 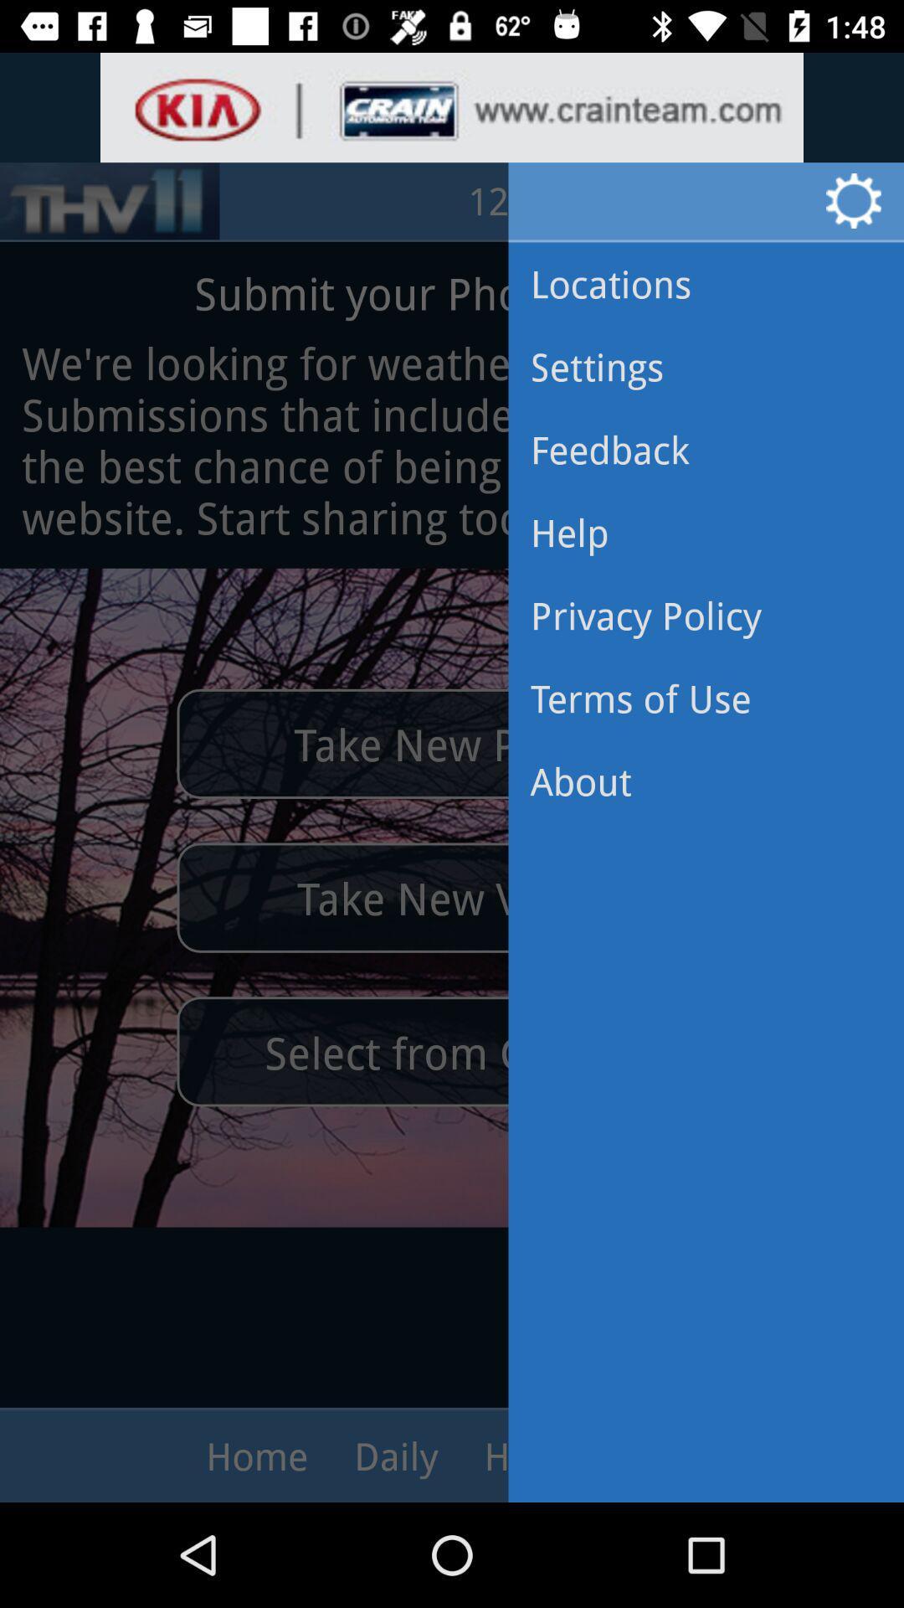 I want to click on the sliders icon, so click(x=110, y=201).